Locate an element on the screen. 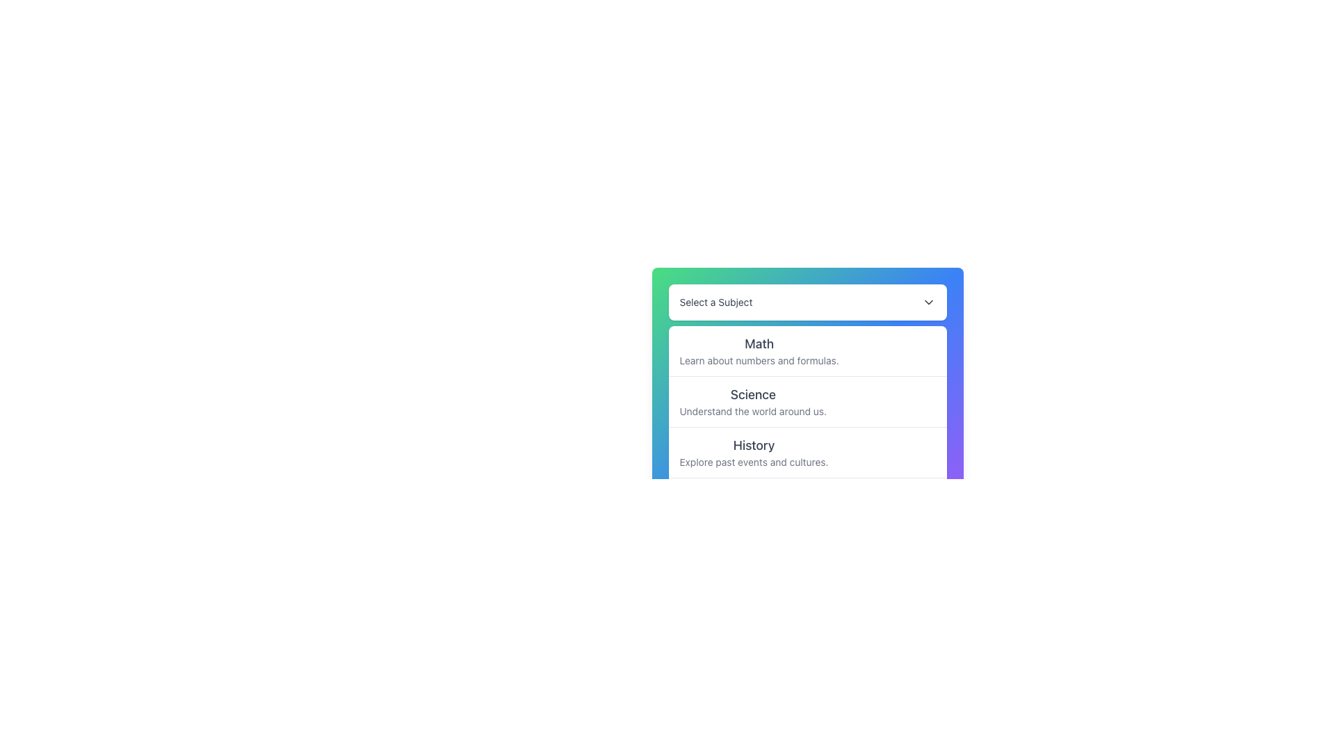 This screenshot has height=751, width=1335. the primary title text label for the 'Math' category, which is positioned at the top of the list section in the interface is located at coordinates (759, 344).